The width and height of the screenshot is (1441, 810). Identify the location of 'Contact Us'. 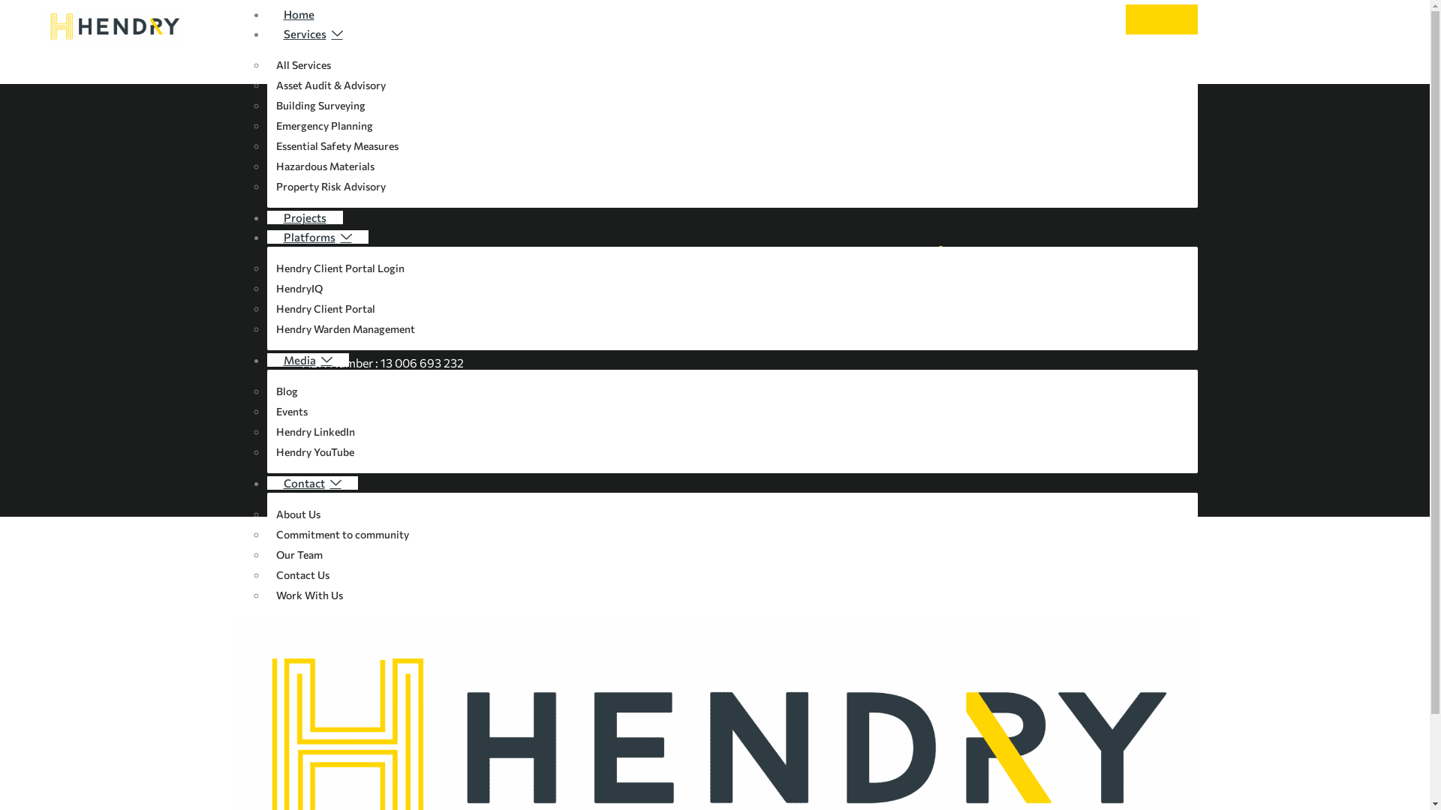
(302, 574).